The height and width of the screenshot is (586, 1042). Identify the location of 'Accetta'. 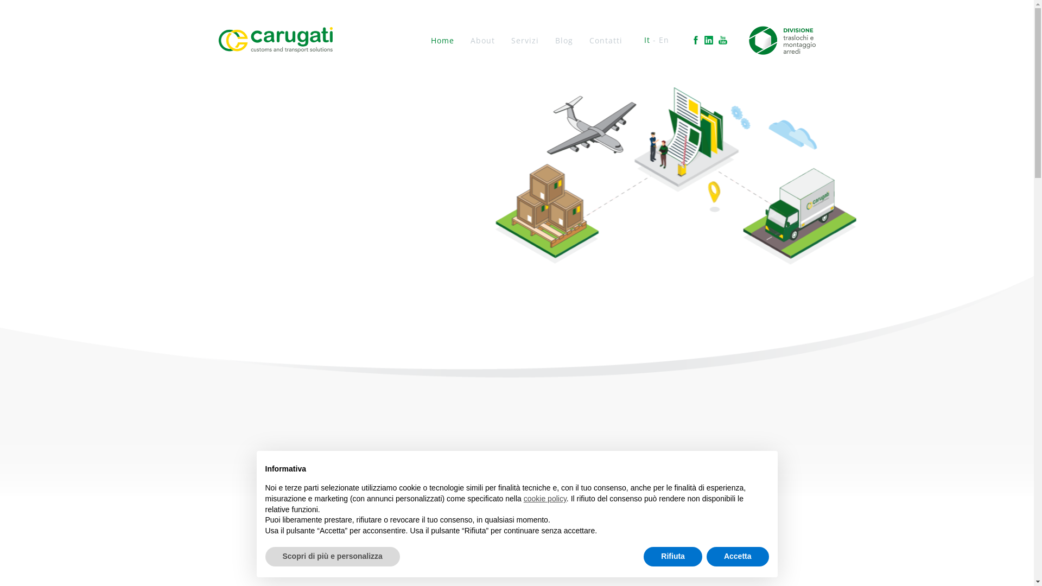
(738, 557).